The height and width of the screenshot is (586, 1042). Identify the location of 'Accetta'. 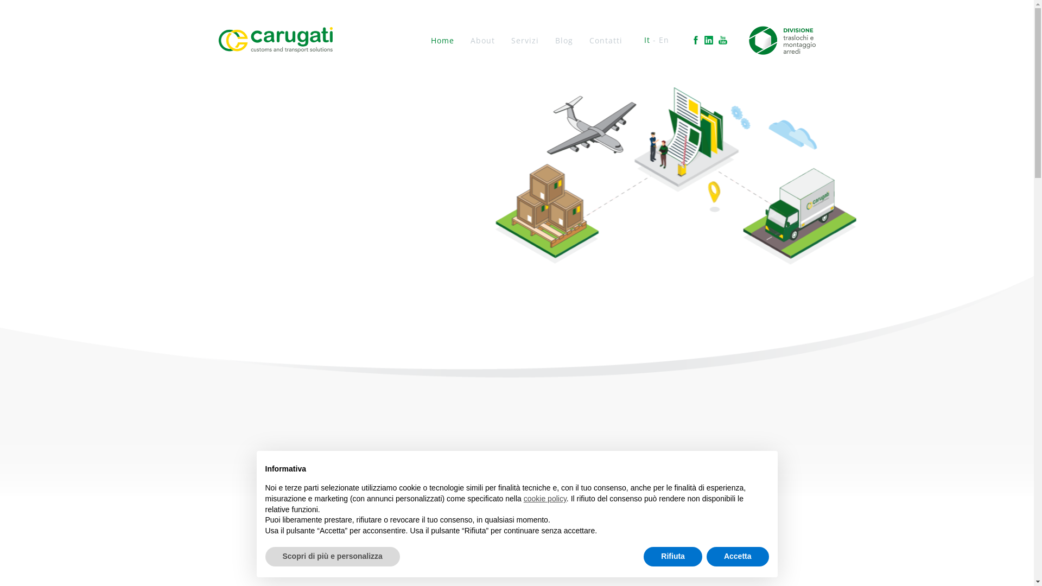
(738, 557).